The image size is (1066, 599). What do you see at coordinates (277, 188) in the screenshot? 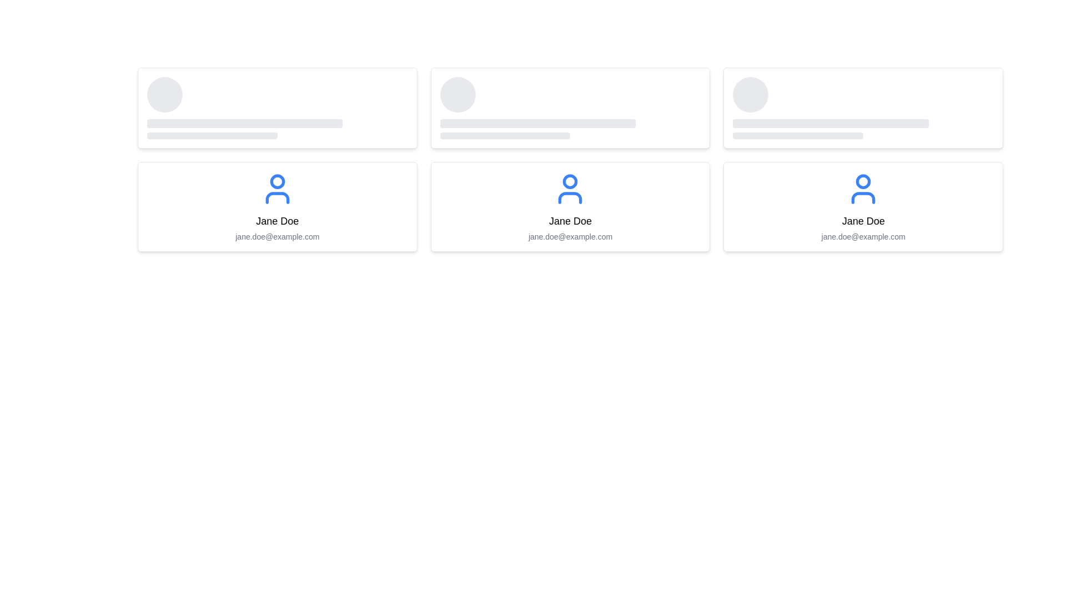
I see `the user profile icon, which is a circular blue icon above the text 'Jane Doe' and 'jane.doe@example.com'` at bounding box center [277, 188].